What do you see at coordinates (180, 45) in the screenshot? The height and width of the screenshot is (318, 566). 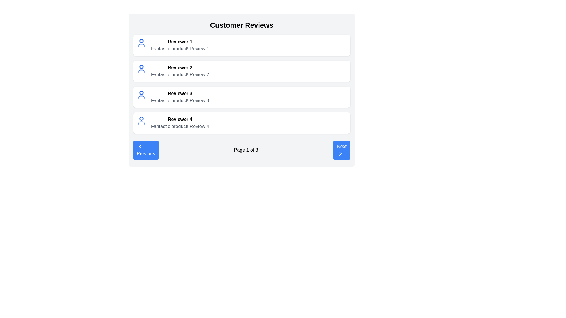 I see `the first review card in the Customer Reviews section that displays the reviewer's name and comments` at bounding box center [180, 45].